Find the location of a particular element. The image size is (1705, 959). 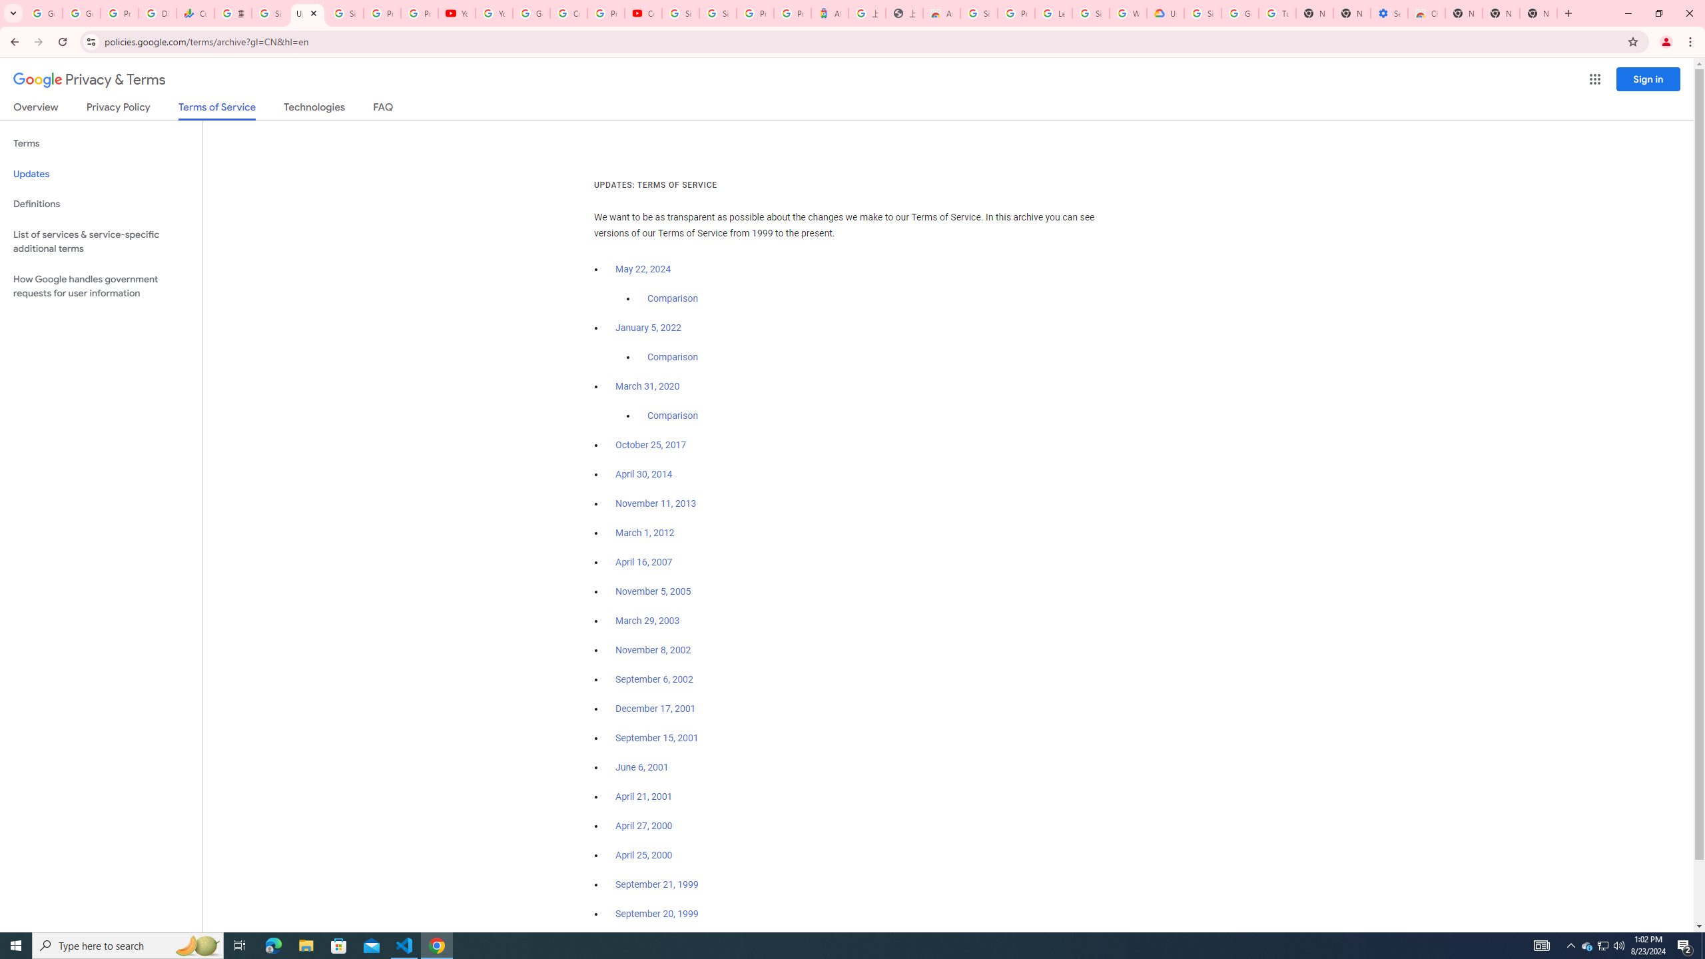

'September 21, 1999' is located at coordinates (657, 883).